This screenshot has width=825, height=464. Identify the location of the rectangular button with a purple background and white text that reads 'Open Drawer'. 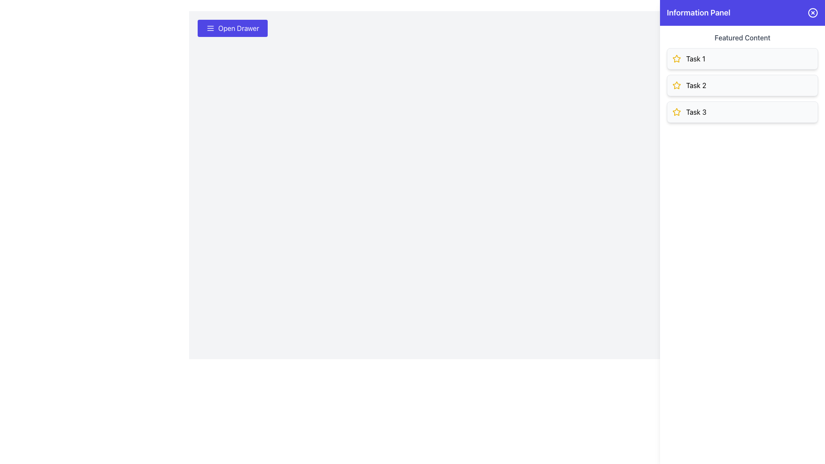
(232, 27).